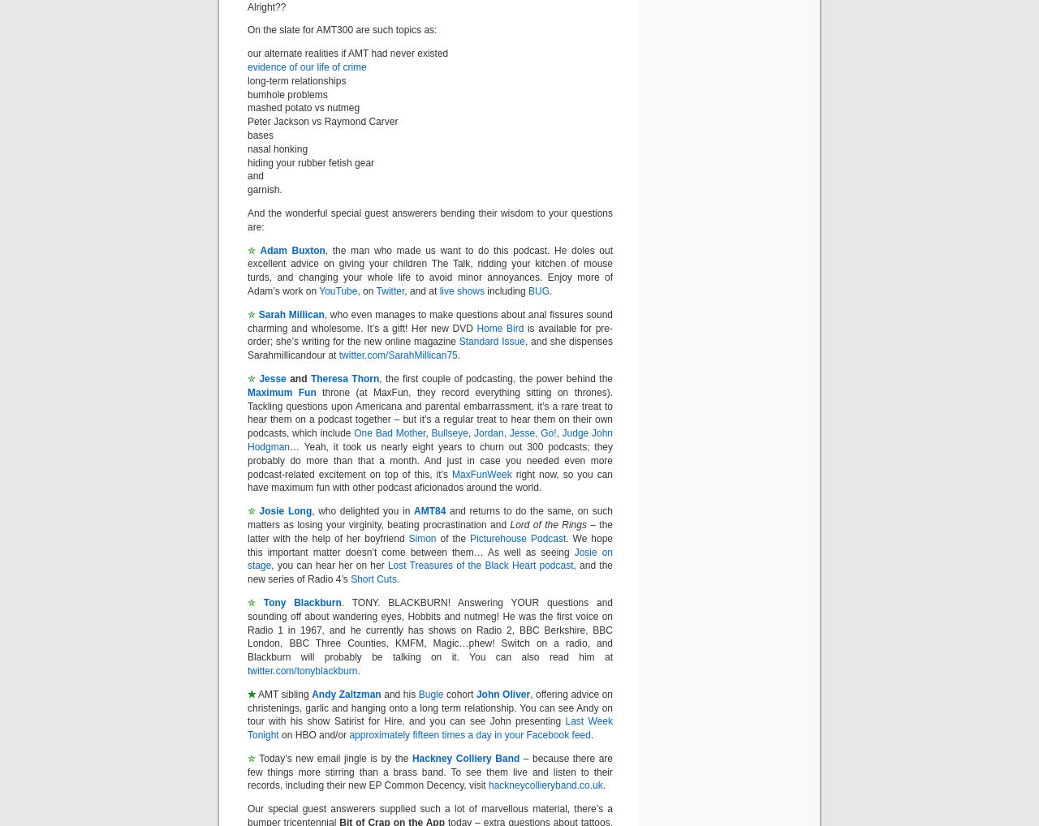  Describe the element at coordinates (502, 693) in the screenshot. I see `'John Oliver'` at that location.